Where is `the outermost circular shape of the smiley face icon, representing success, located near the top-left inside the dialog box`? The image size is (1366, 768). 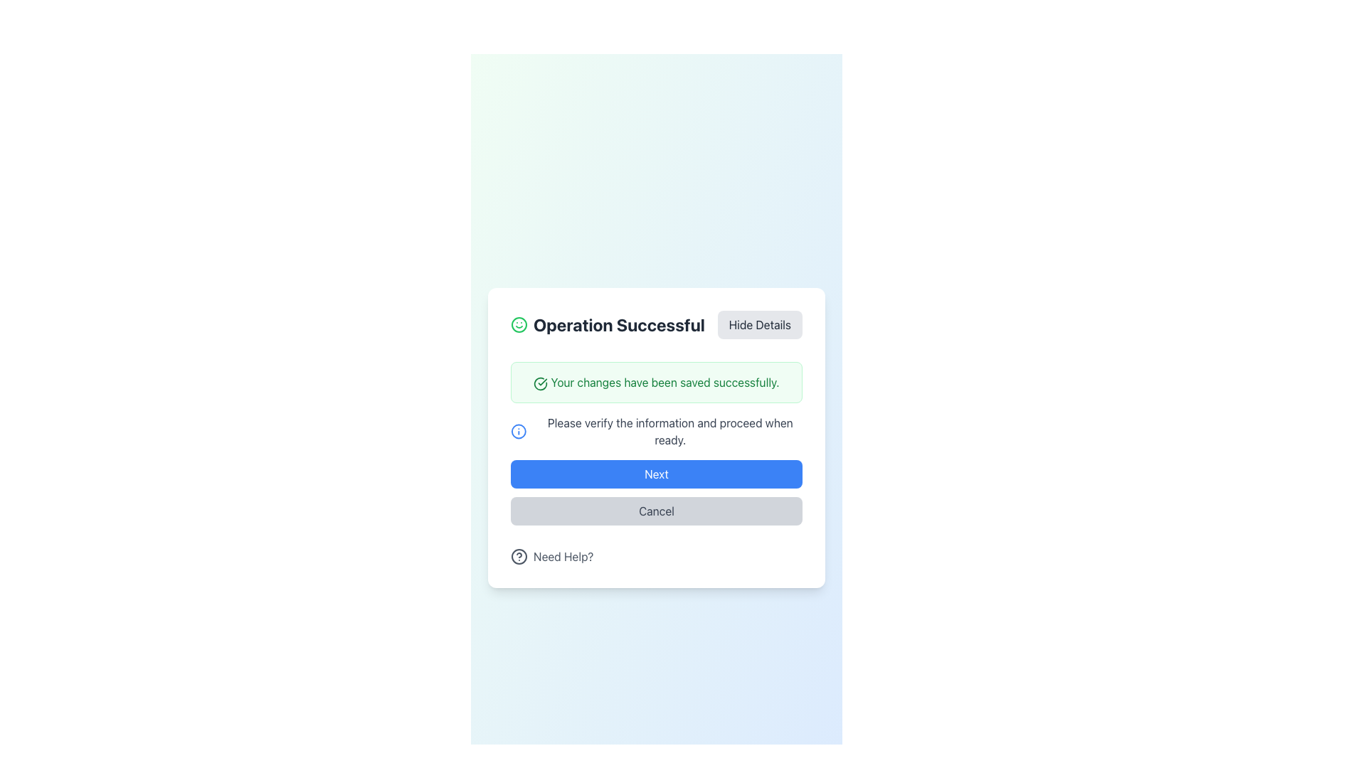
the outermost circular shape of the smiley face icon, representing success, located near the top-left inside the dialog box is located at coordinates (518, 324).